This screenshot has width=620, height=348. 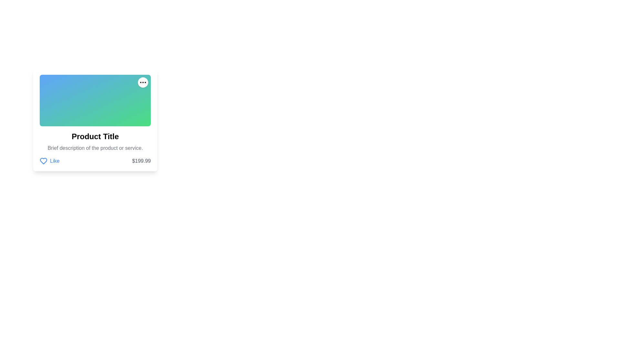 What do you see at coordinates (43, 161) in the screenshot?
I see `the heart-shaped icon outlined in blue with a white fill, located to the left of the text 'Like', to like or favorite the product` at bounding box center [43, 161].